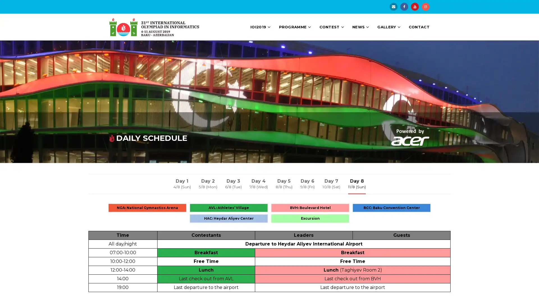 This screenshot has width=539, height=303. I want to click on BCC: Baku Convention Center, so click(391, 208).